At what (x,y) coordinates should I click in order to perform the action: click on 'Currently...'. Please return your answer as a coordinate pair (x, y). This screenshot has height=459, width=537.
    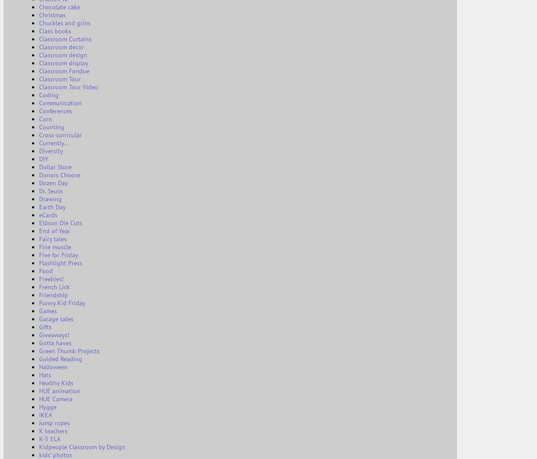
    Looking at the image, I should click on (53, 142).